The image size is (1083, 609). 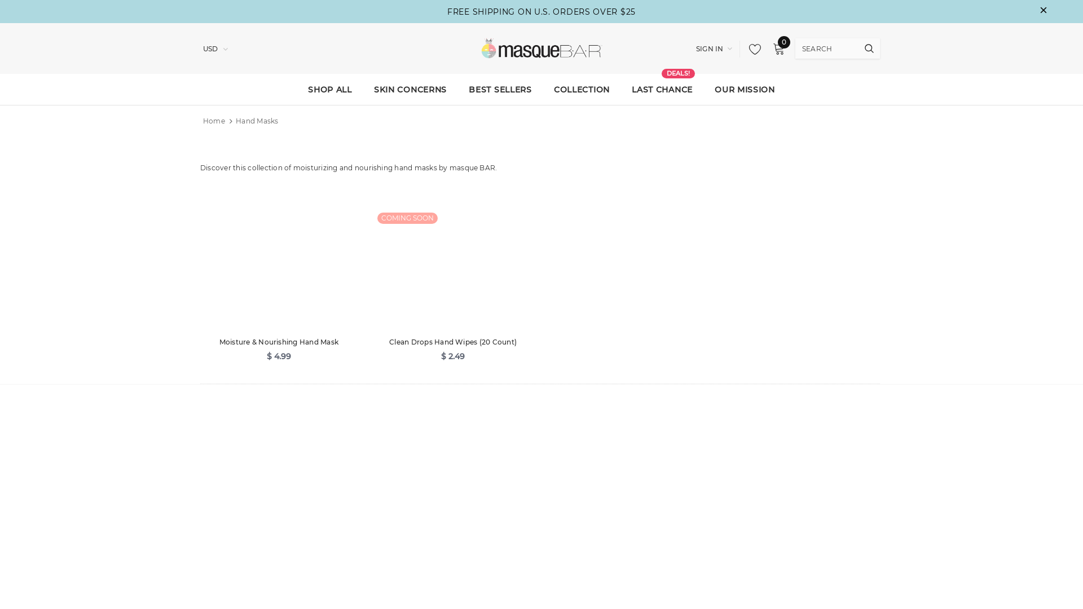 I want to click on 'SHOP ALL', so click(x=308, y=89).